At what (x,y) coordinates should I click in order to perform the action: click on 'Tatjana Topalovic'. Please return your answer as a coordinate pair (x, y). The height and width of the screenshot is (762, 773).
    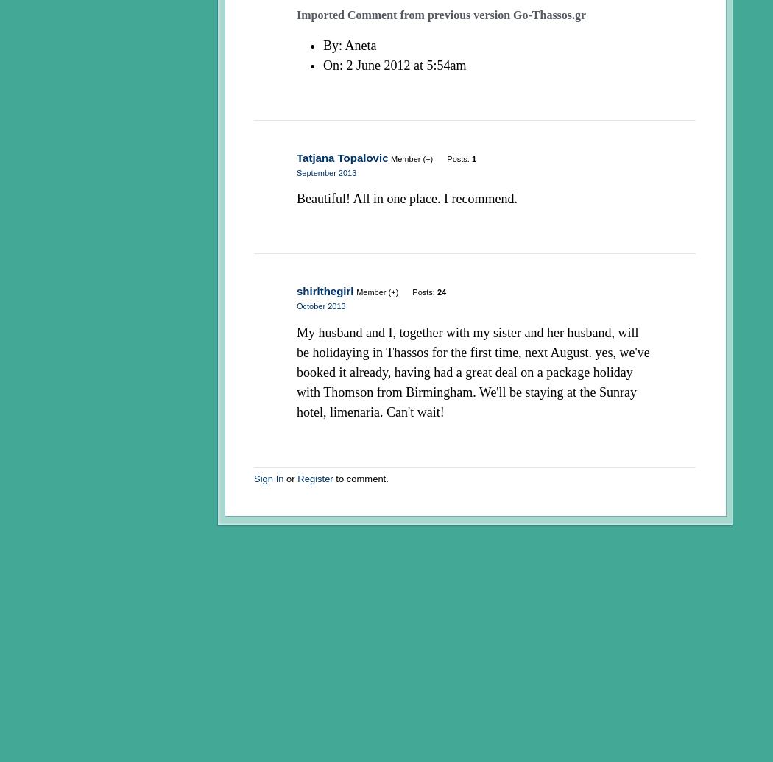
    Looking at the image, I should click on (296, 157).